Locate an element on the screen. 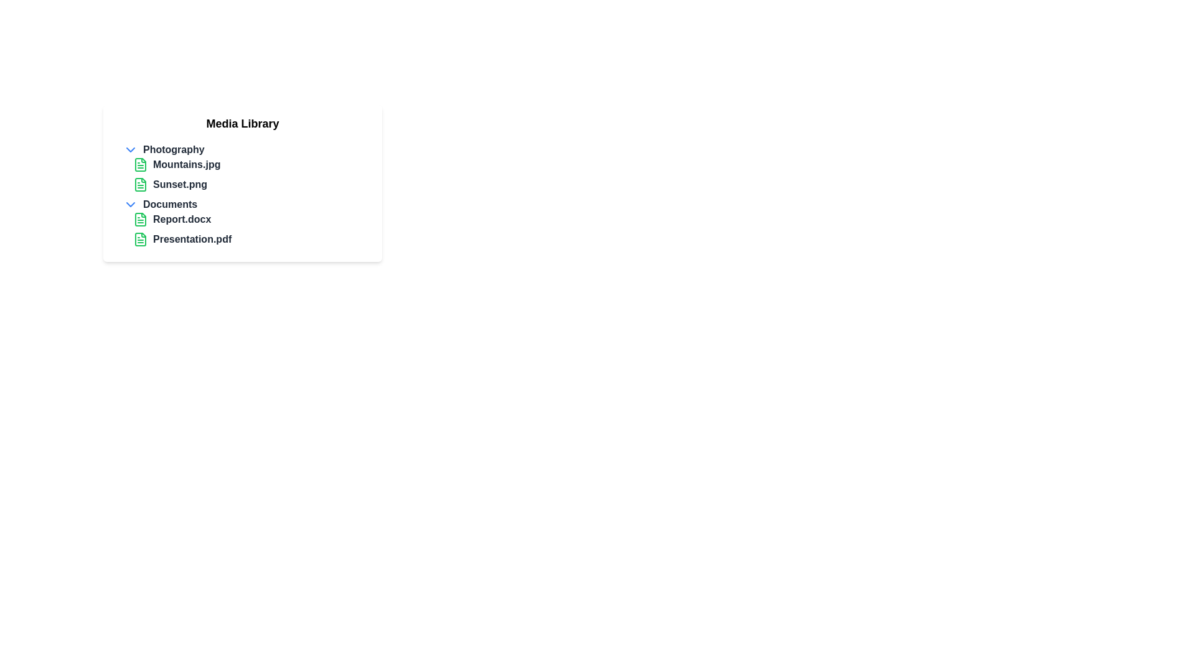  the 'Presentation.pdf' text label element, which is a bold gray text under the 'Documents' header is located at coordinates (192, 240).